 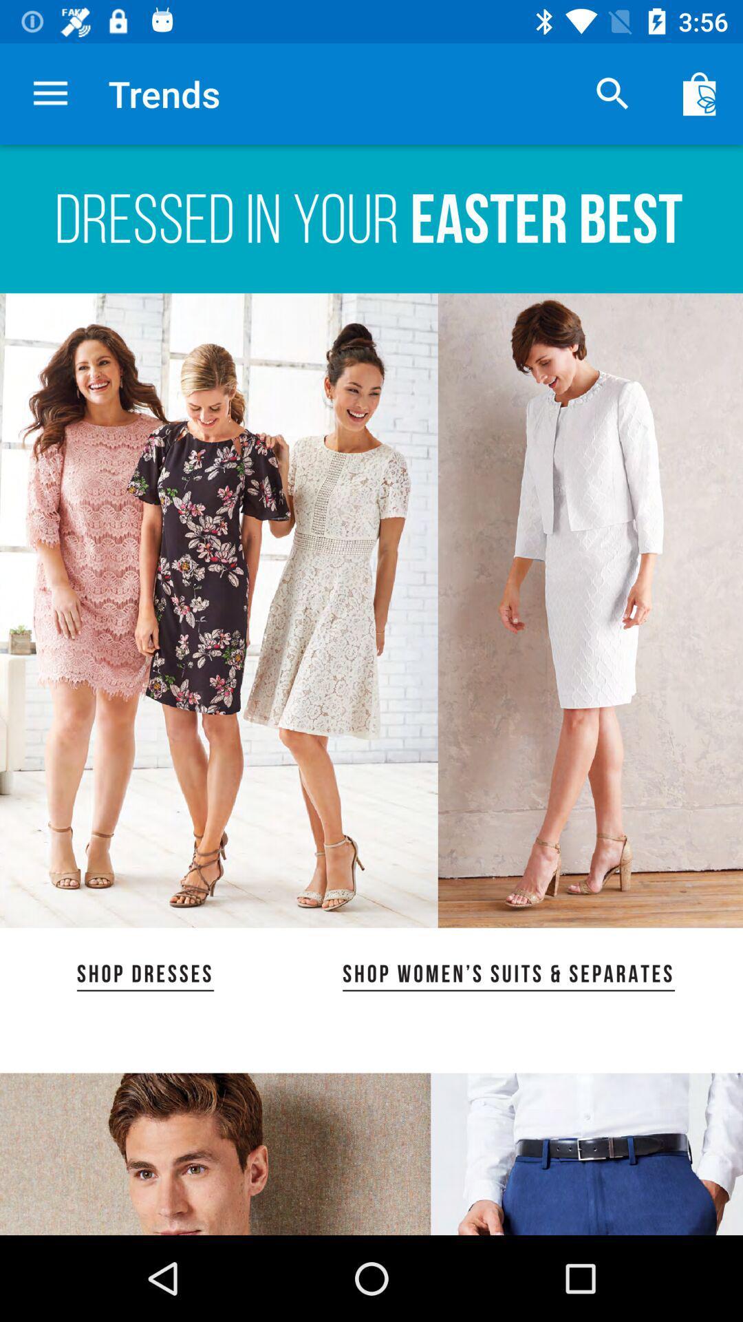 What do you see at coordinates (612, 93) in the screenshot?
I see `the item to the right of the trends app` at bounding box center [612, 93].